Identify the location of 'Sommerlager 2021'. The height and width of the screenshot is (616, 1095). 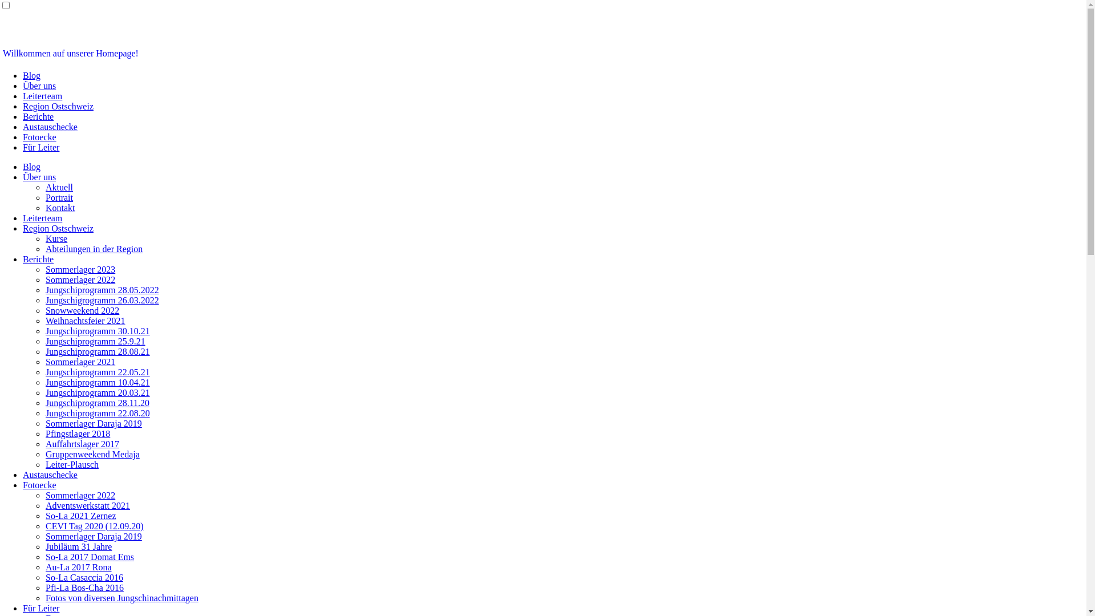
(79, 362).